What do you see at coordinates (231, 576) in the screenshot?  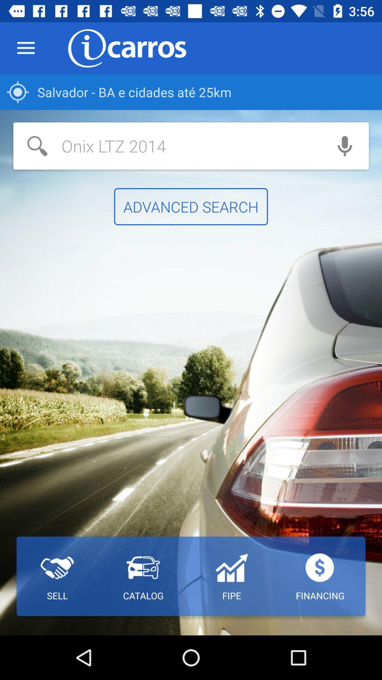 I see `the icon to the right of catalog icon` at bounding box center [231, 576].